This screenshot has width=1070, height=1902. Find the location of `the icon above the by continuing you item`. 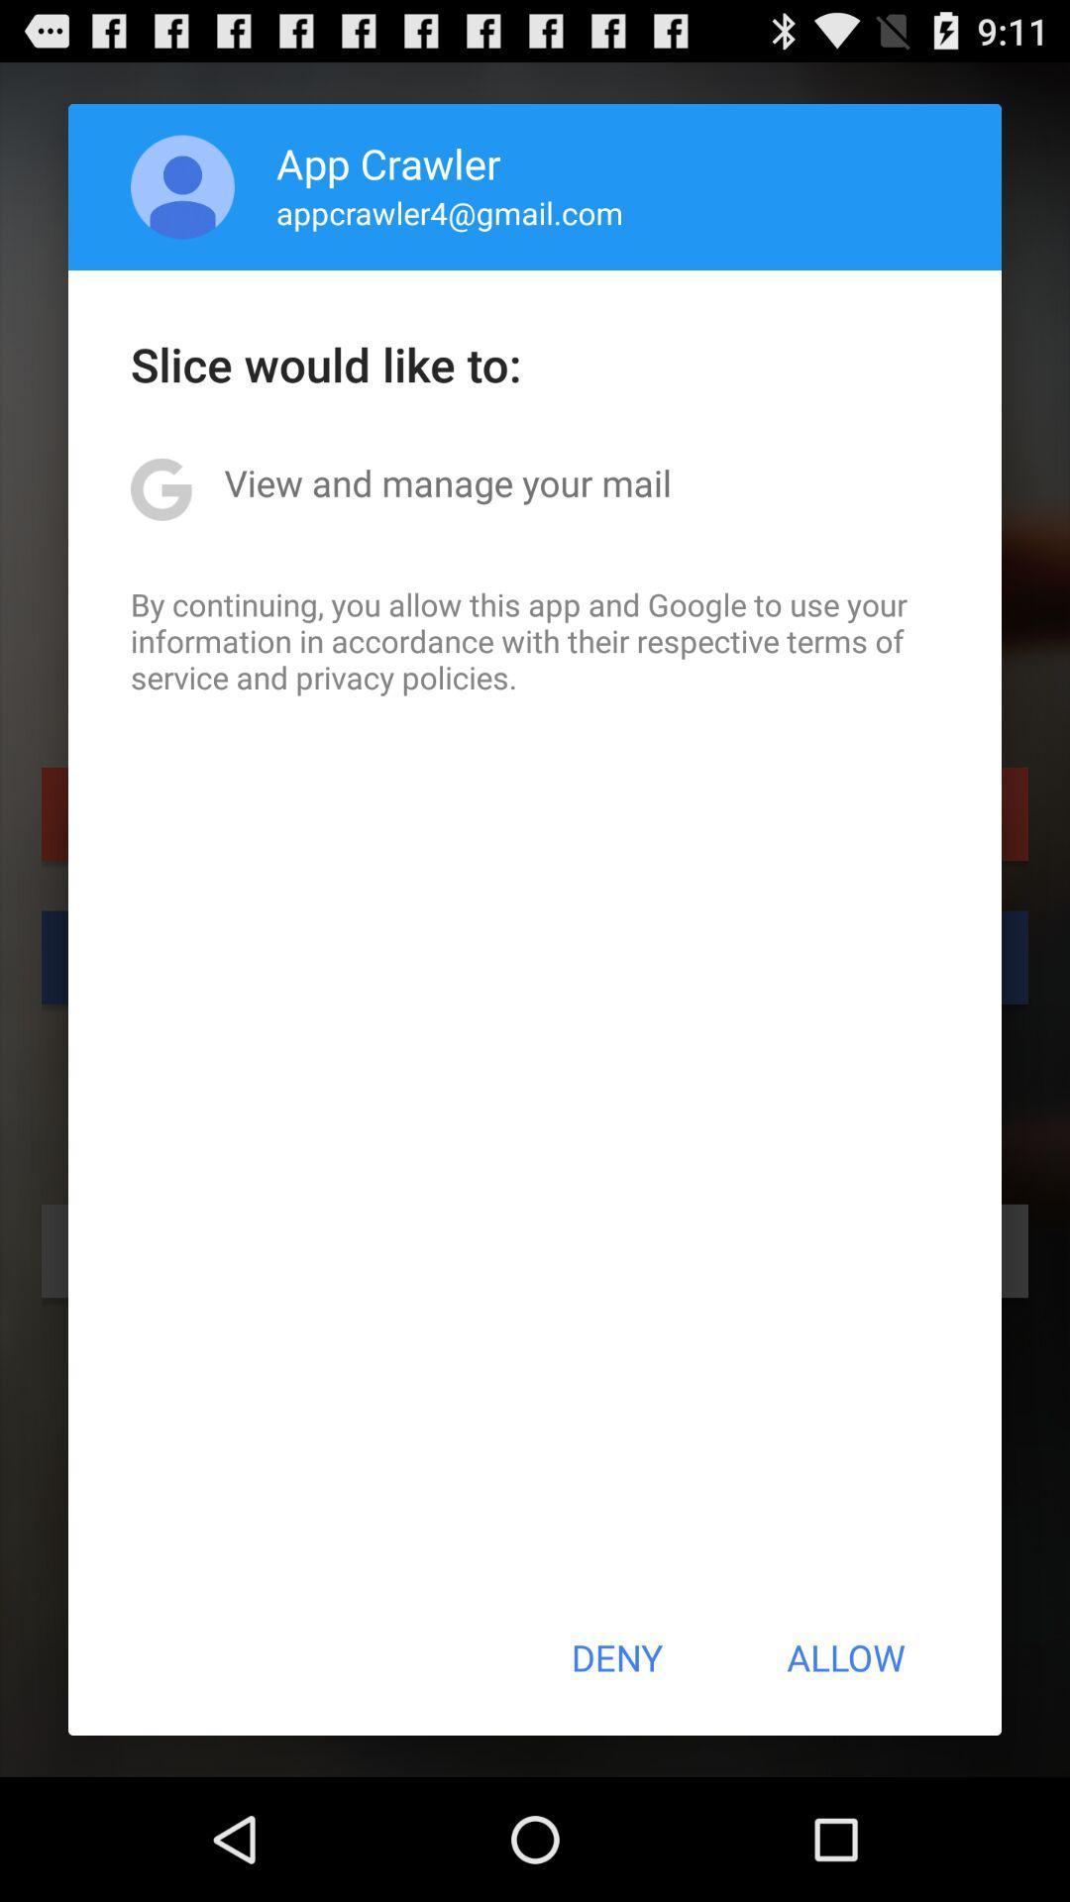

the icon above the by continuing you item is located at coordinates (448, 482).